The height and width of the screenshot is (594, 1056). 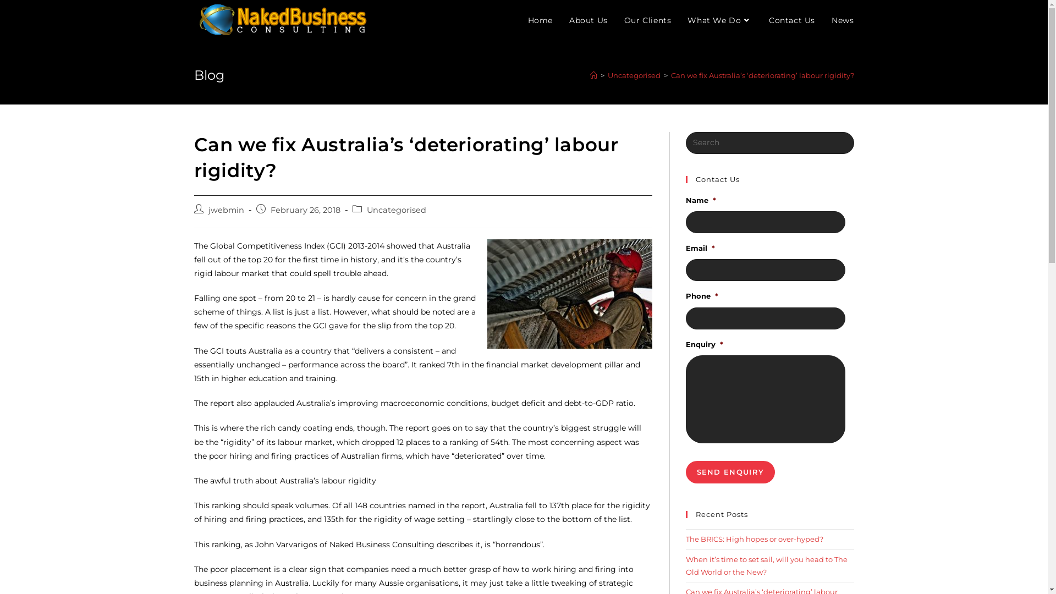 I want to click on 'Contact Us', so click(x=792, y=20).